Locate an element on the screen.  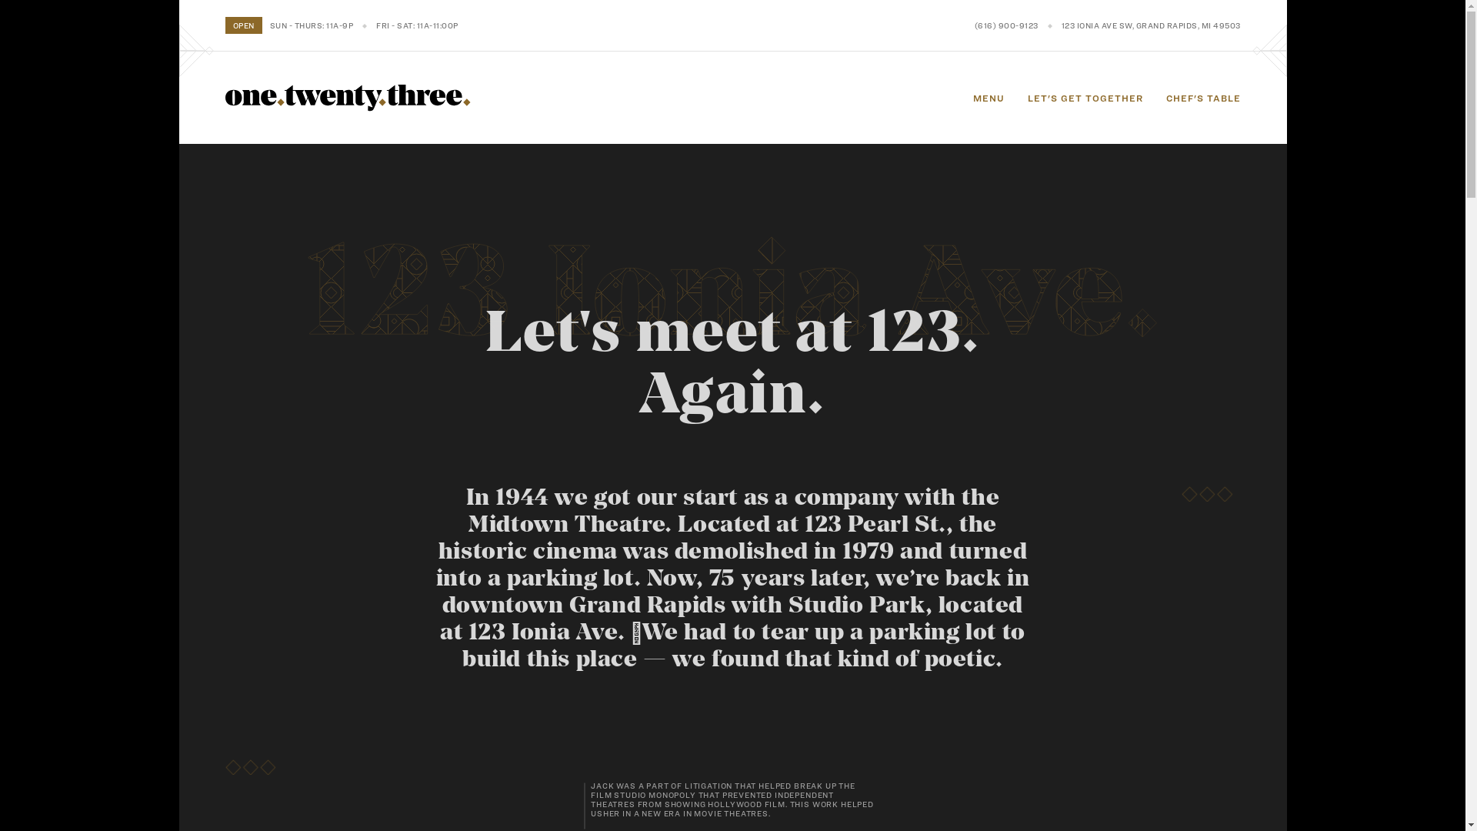
'123 IONIA AVE SW, GRAND RAPIDS, MI 49503' is located at coordinates (1061, 25).